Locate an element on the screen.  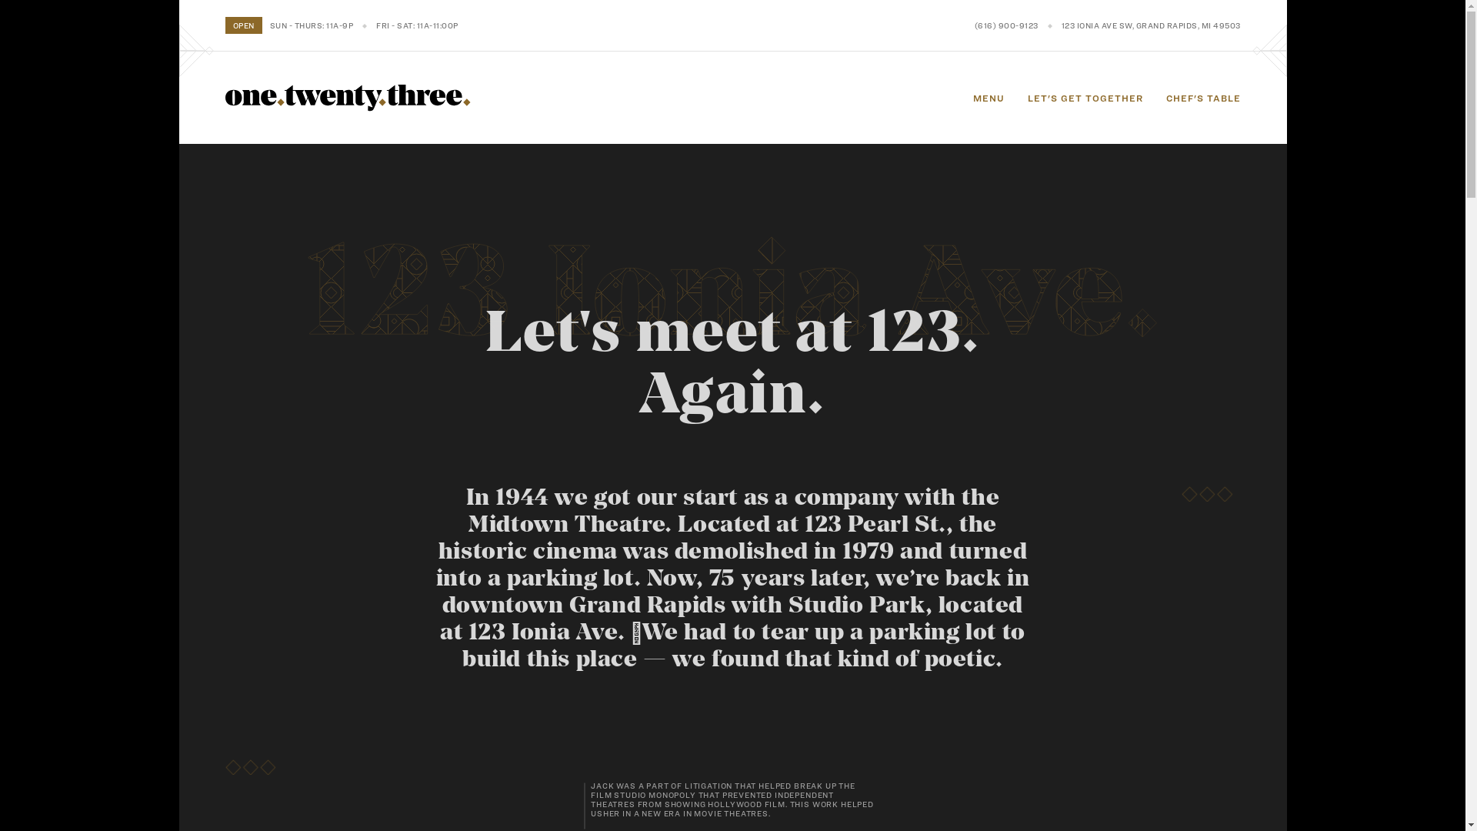
'123 IONIA AVE SW, GRAND RAPIDS, MI 49503' is located at coordinates (1061, 25).